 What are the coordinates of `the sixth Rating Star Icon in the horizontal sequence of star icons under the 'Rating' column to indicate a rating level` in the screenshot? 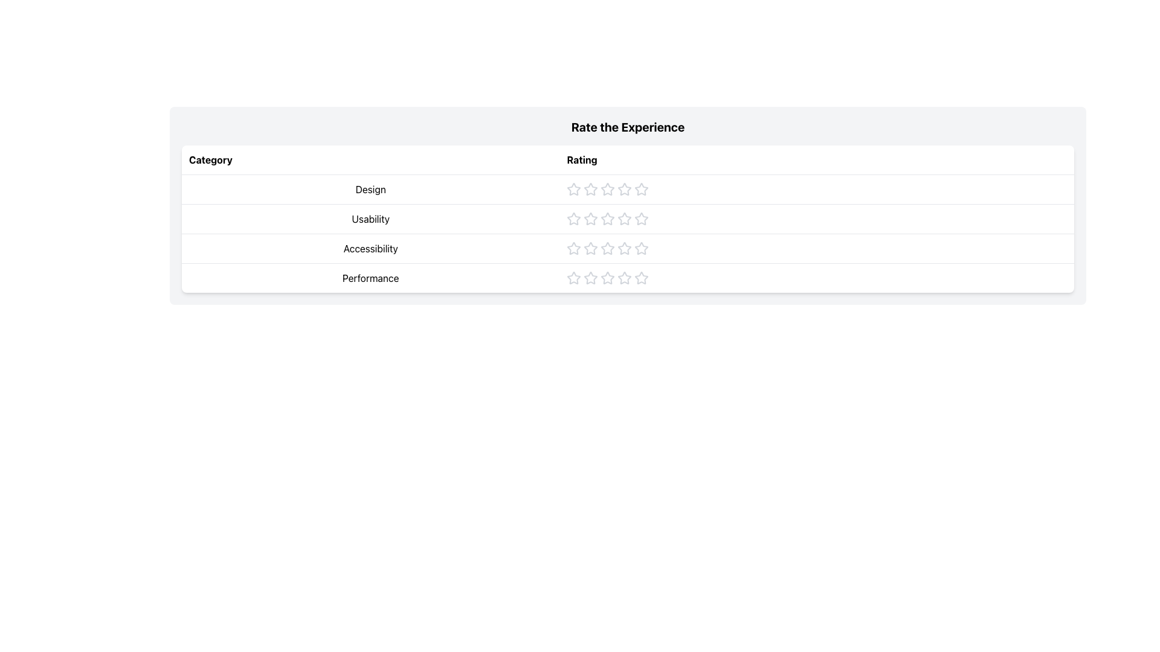 It's located at (624, 248).